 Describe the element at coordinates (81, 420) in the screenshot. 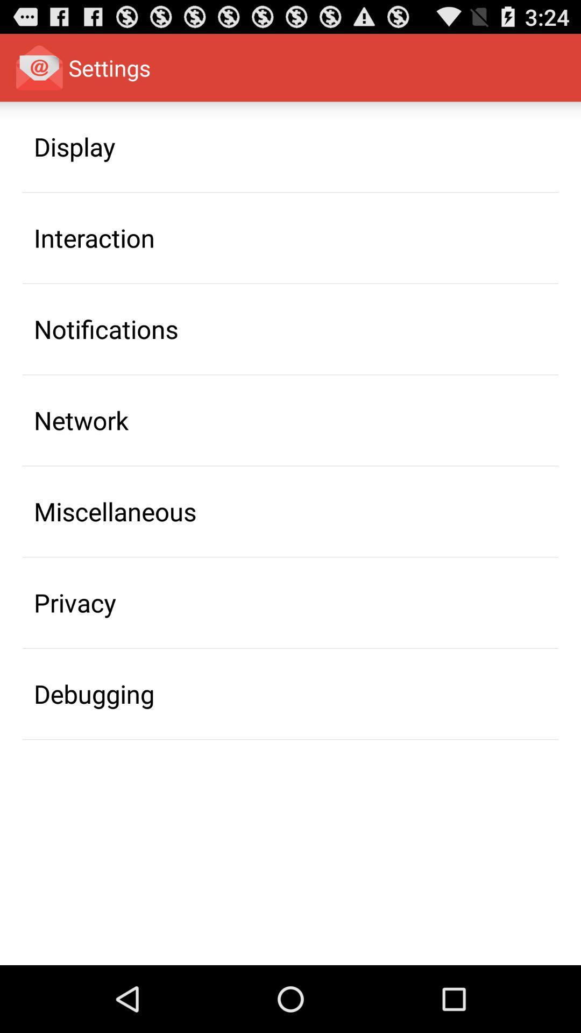

I see `network item` at that location.